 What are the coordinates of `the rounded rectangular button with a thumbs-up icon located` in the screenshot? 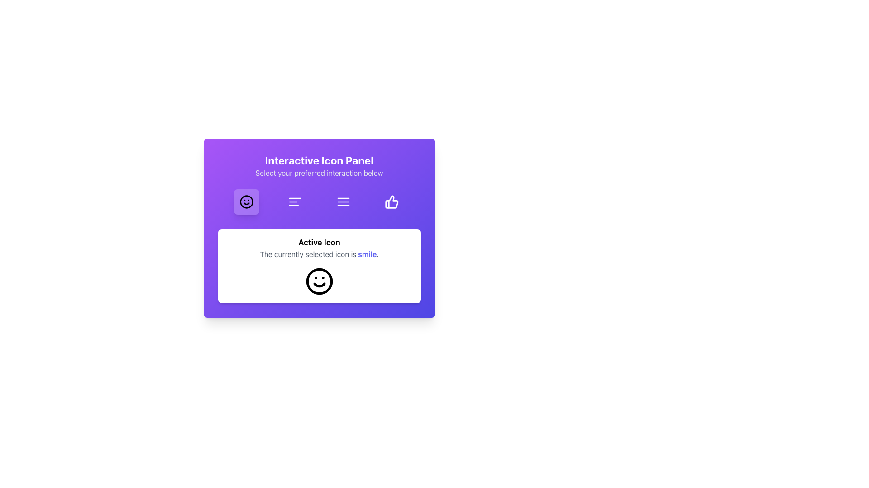 It's located at (392, 202).